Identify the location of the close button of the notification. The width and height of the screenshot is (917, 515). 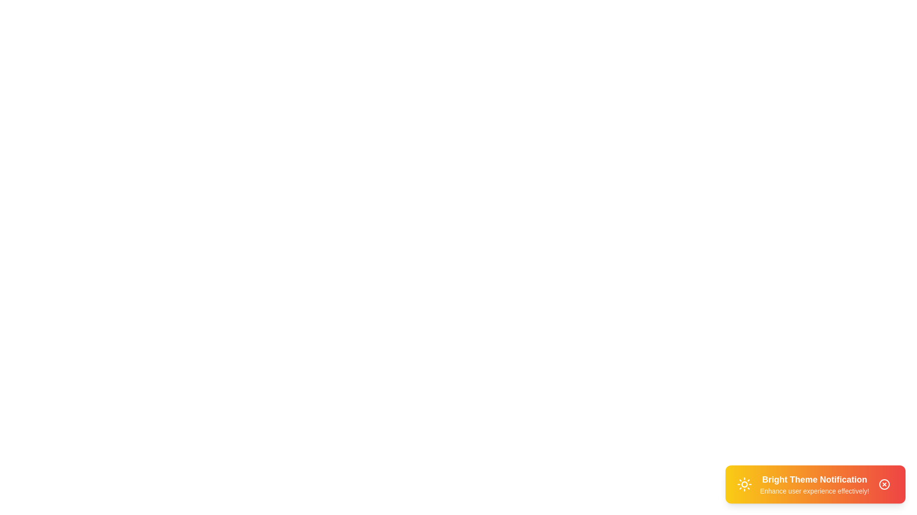
(884, 484).